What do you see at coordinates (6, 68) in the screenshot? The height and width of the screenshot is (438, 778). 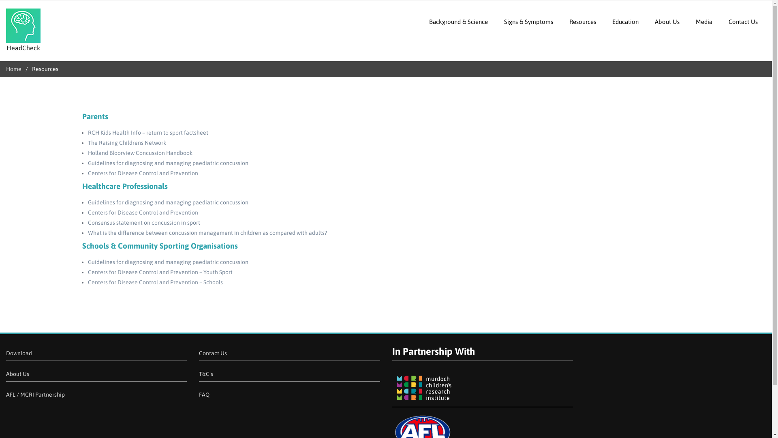 I see `'Home'` at bounding box center [6, 68].